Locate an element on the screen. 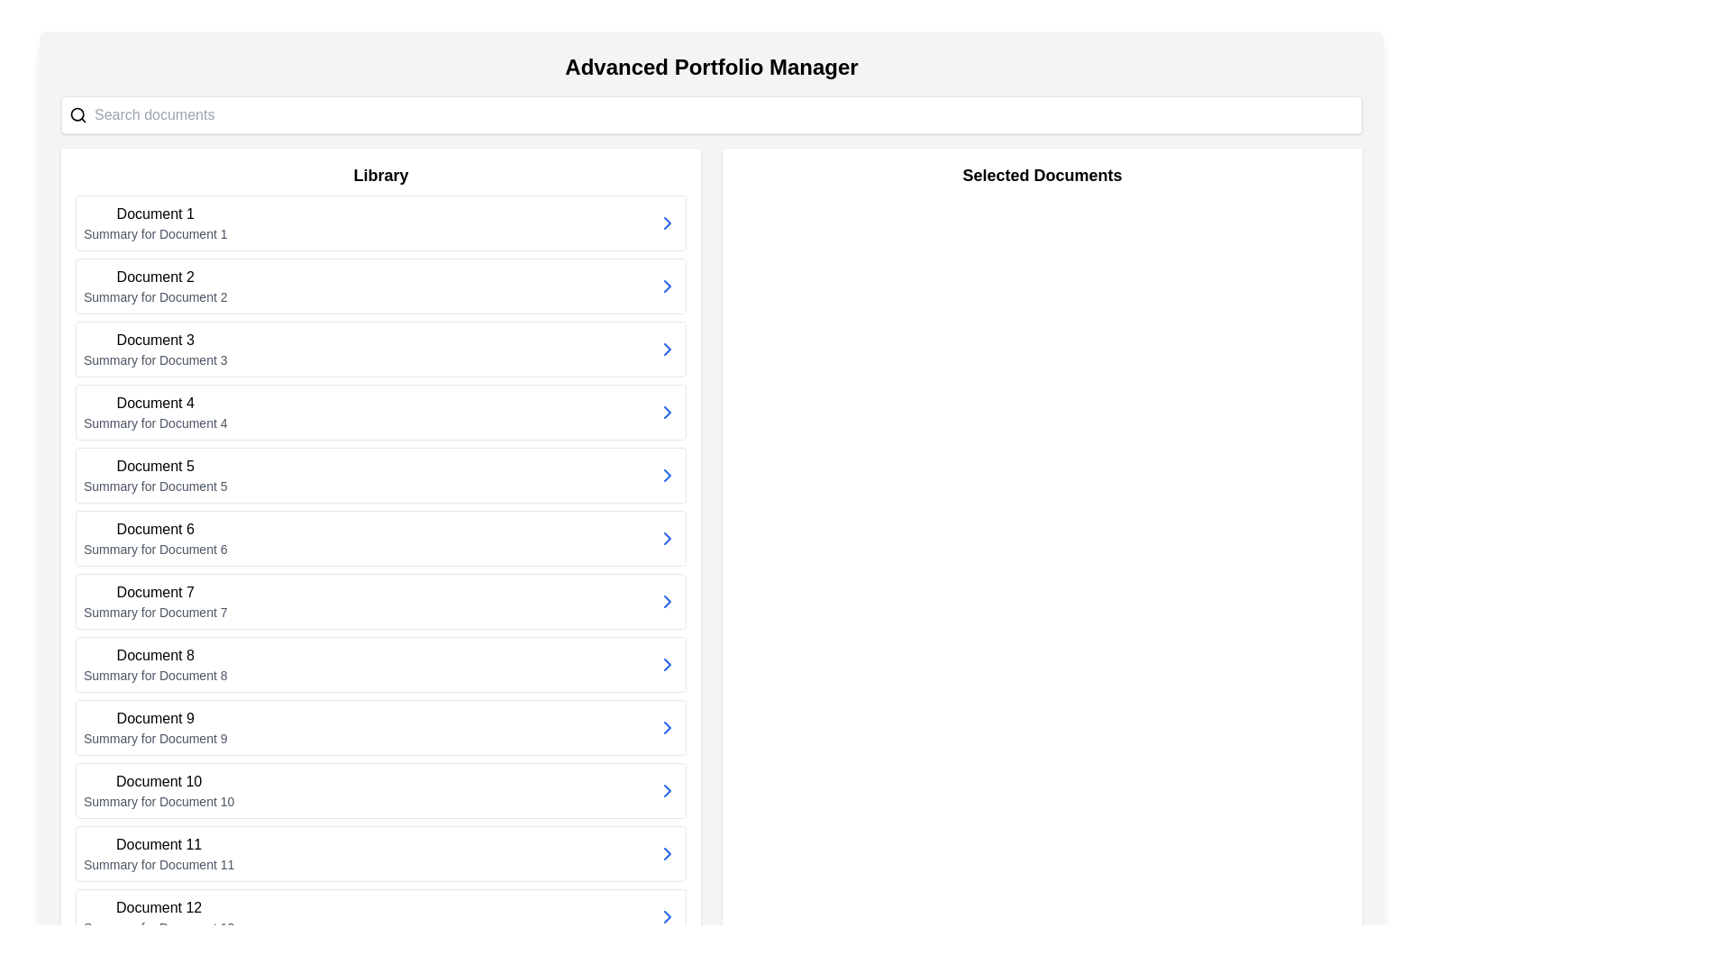 The image size is (1730, 973). the icon for 'Document 3' located in the 'Library' section of the application, positioned to the far-right of the item's row is located at coordinates (666, 350).